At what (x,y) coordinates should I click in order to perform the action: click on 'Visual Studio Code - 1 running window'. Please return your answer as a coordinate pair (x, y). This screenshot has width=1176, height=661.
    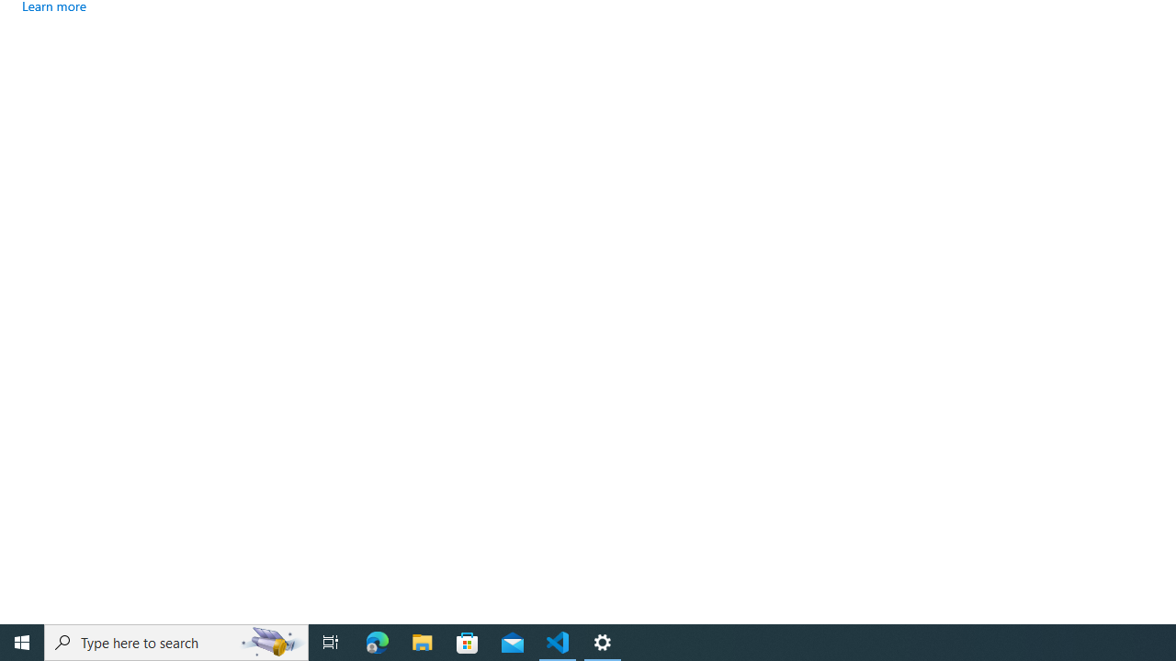
    Looking at the image, I should click on (557, 641).